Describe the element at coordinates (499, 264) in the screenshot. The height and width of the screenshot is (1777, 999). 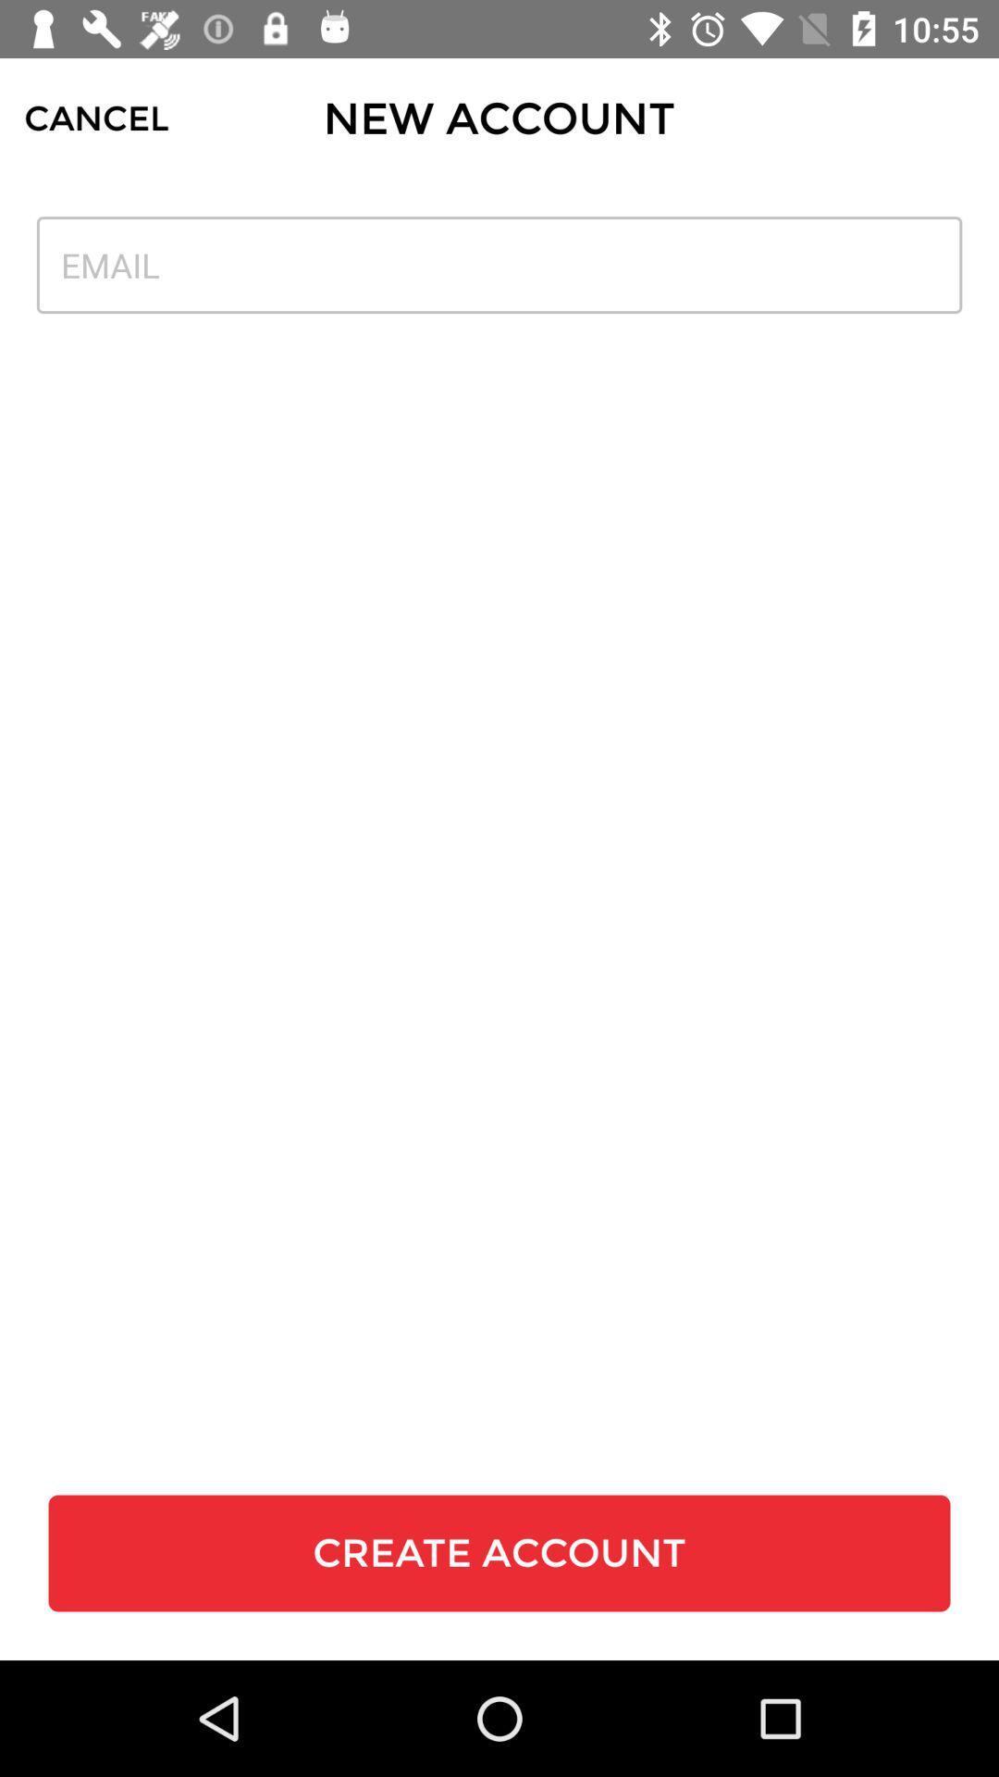
I see `icon above create account icon` at that location.